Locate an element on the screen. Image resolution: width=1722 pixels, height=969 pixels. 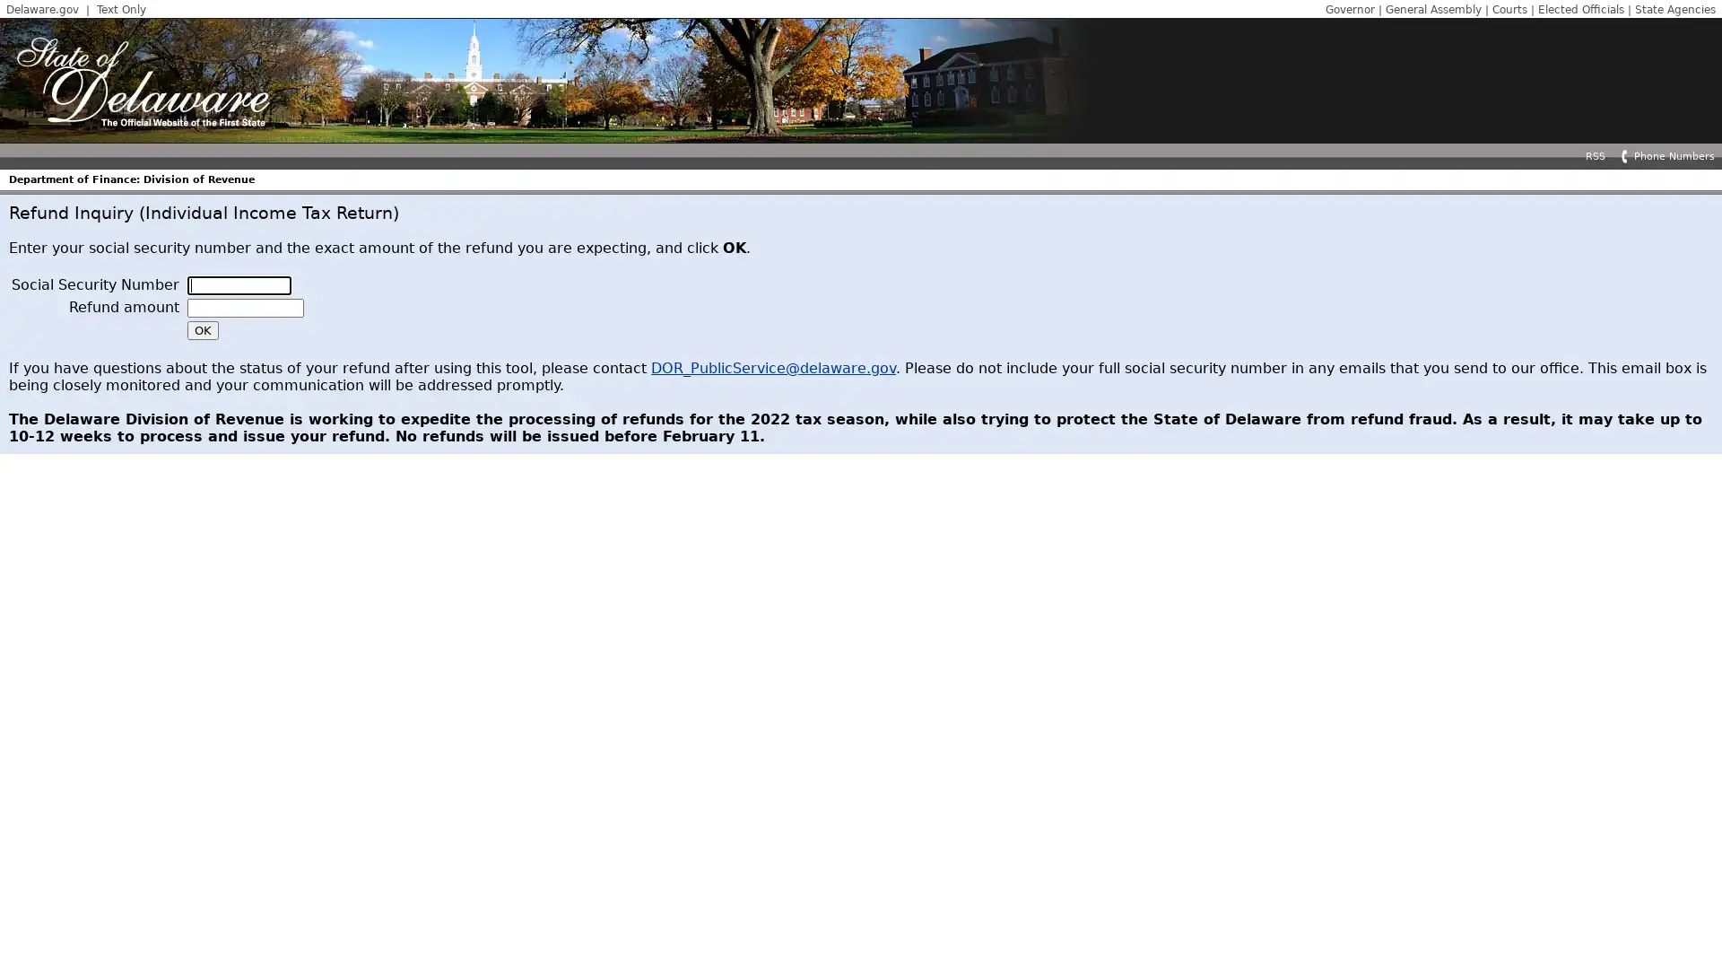
OK is located at coordinates (203, 329).